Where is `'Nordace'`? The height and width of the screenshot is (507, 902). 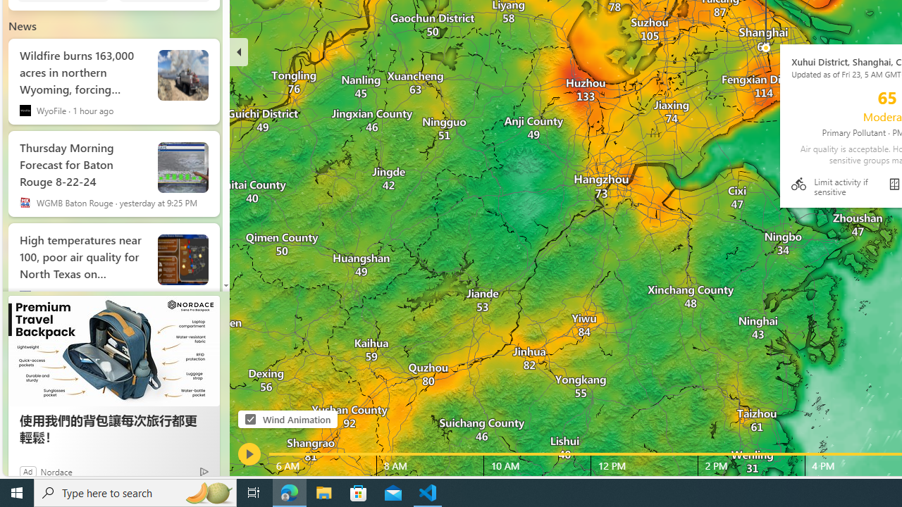 'Nordace' is located at coordinates (56, 471).